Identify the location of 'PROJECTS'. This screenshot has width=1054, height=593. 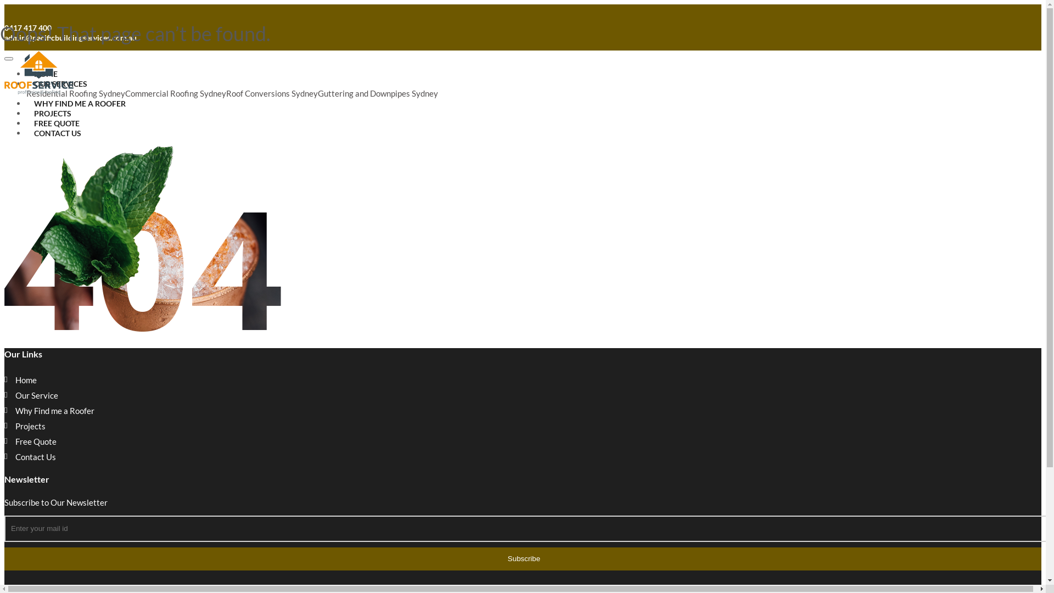
(52, 113).